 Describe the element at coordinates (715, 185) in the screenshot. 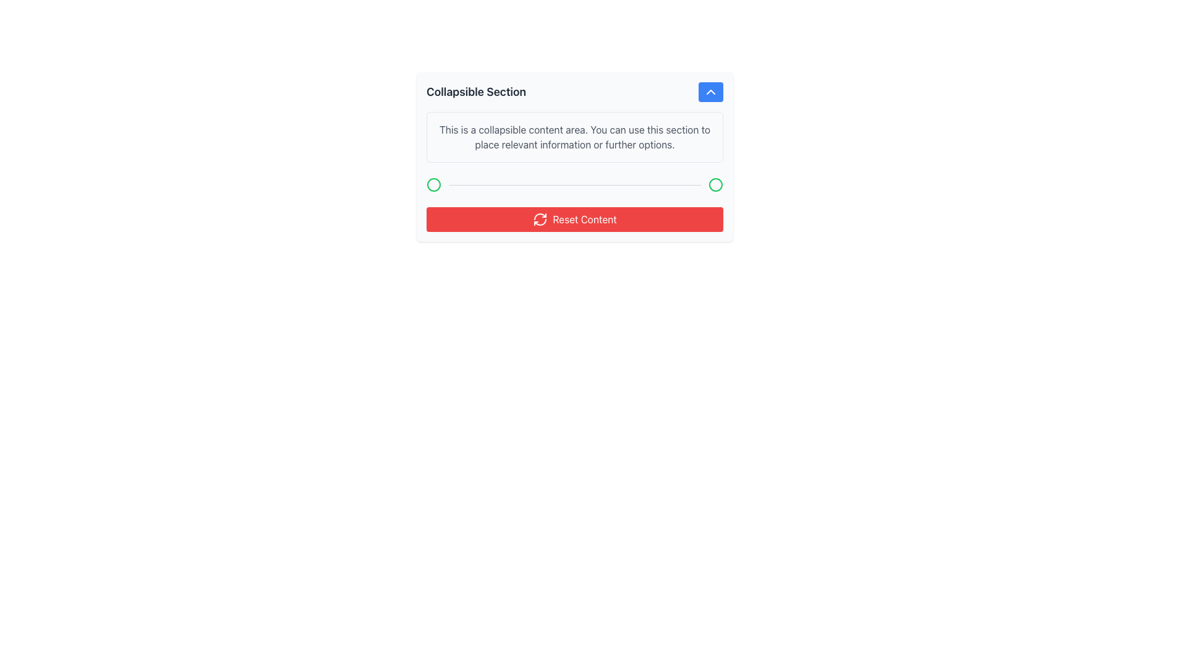

I see `the SVG Circle Element, which serves as a status indicator located to the left of the input text area within a collapsible section` at that location.